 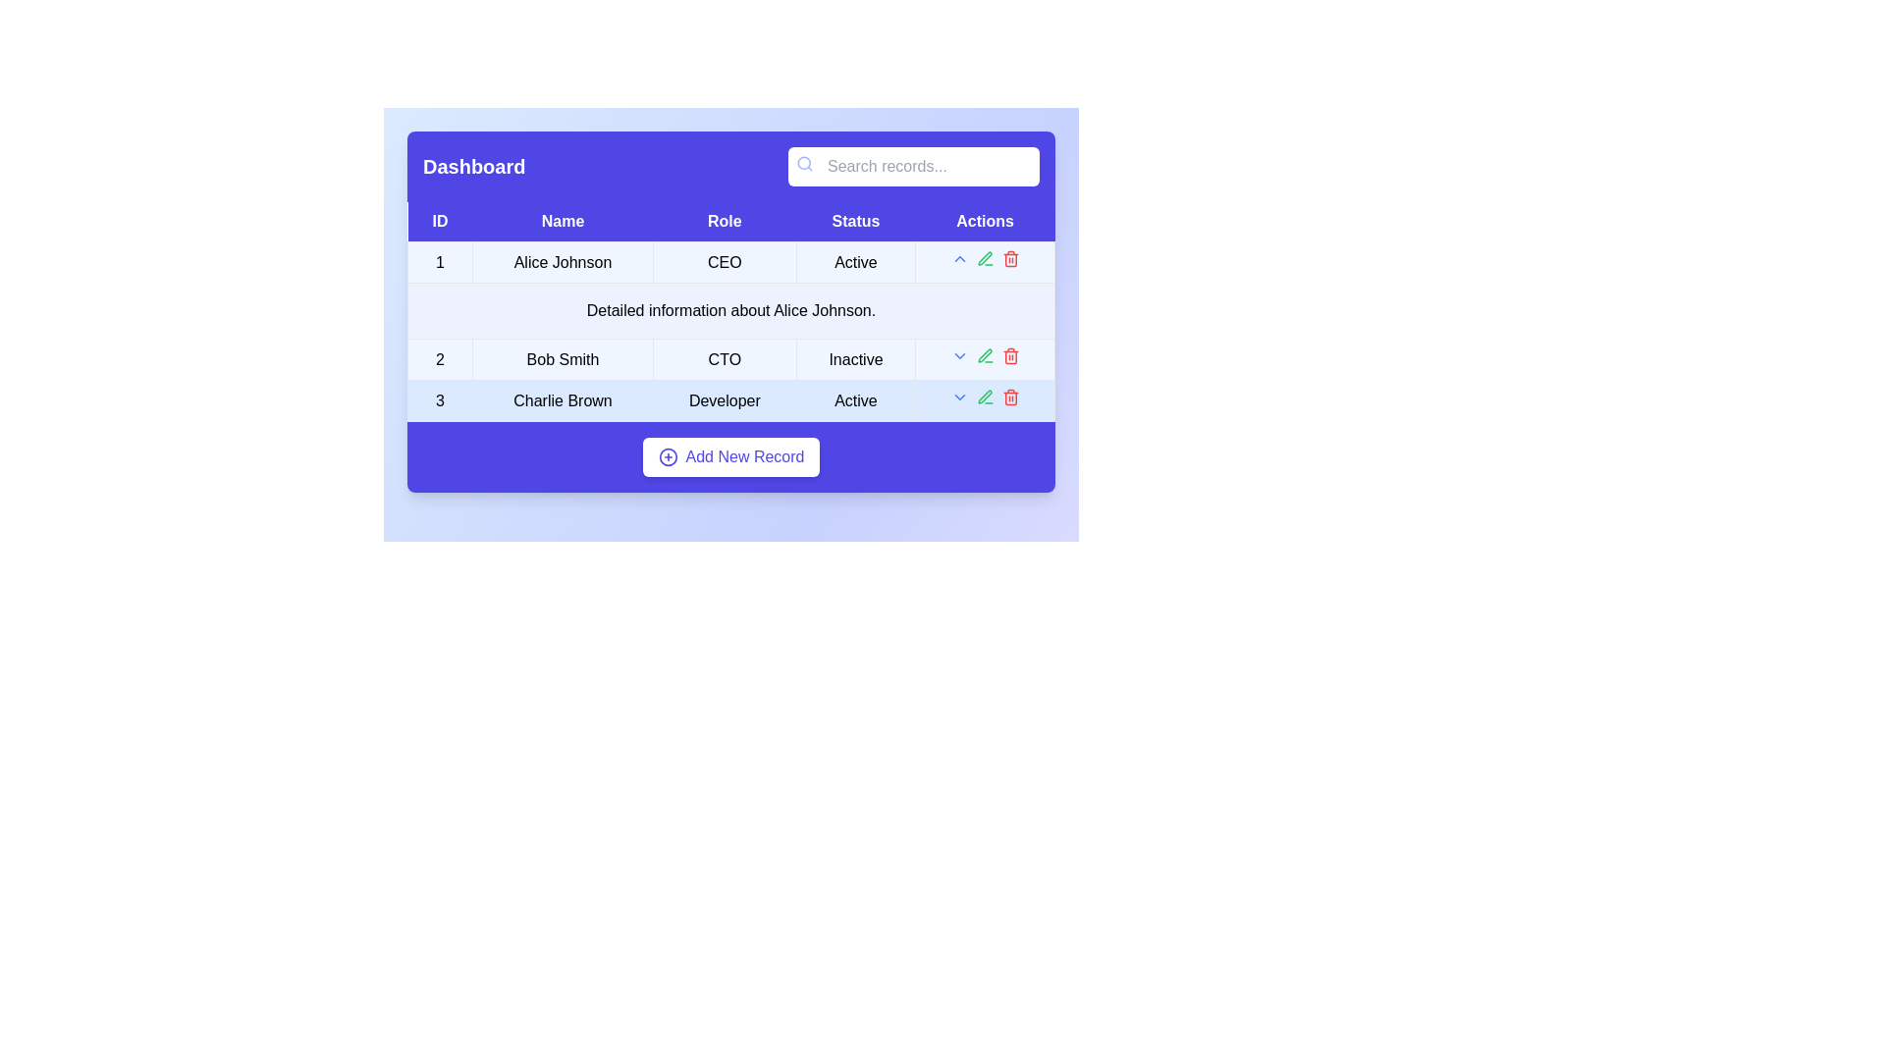 What do you see at coordinates (985, 399) in the screenshot?
I see `the downward arrow icon in the 'Actions' column of the third row for the 'Charlie Brown' record` at bounding box center [985, 399].